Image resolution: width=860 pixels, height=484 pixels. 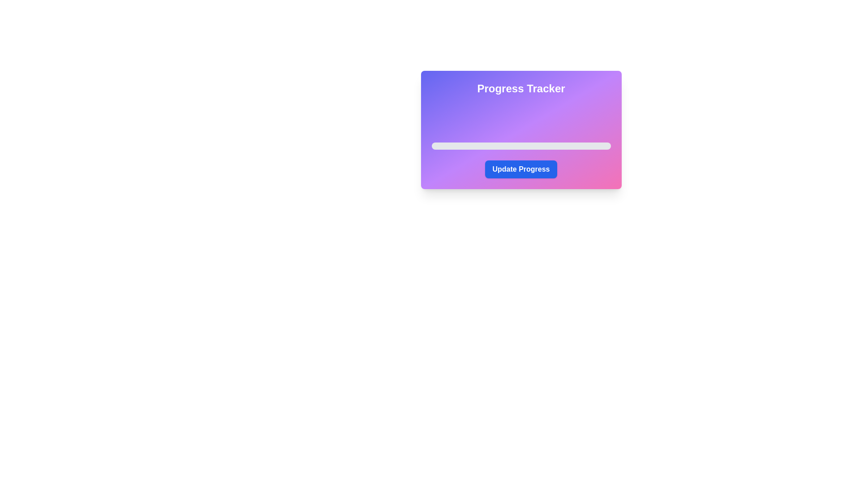 What do you see at coordinates (521, 169) in the screenshot?
I see `the interactive update button located at the bottom center of the card interface, just below the horizontal progress bar, to change its style` at bounding box center [521, 169].